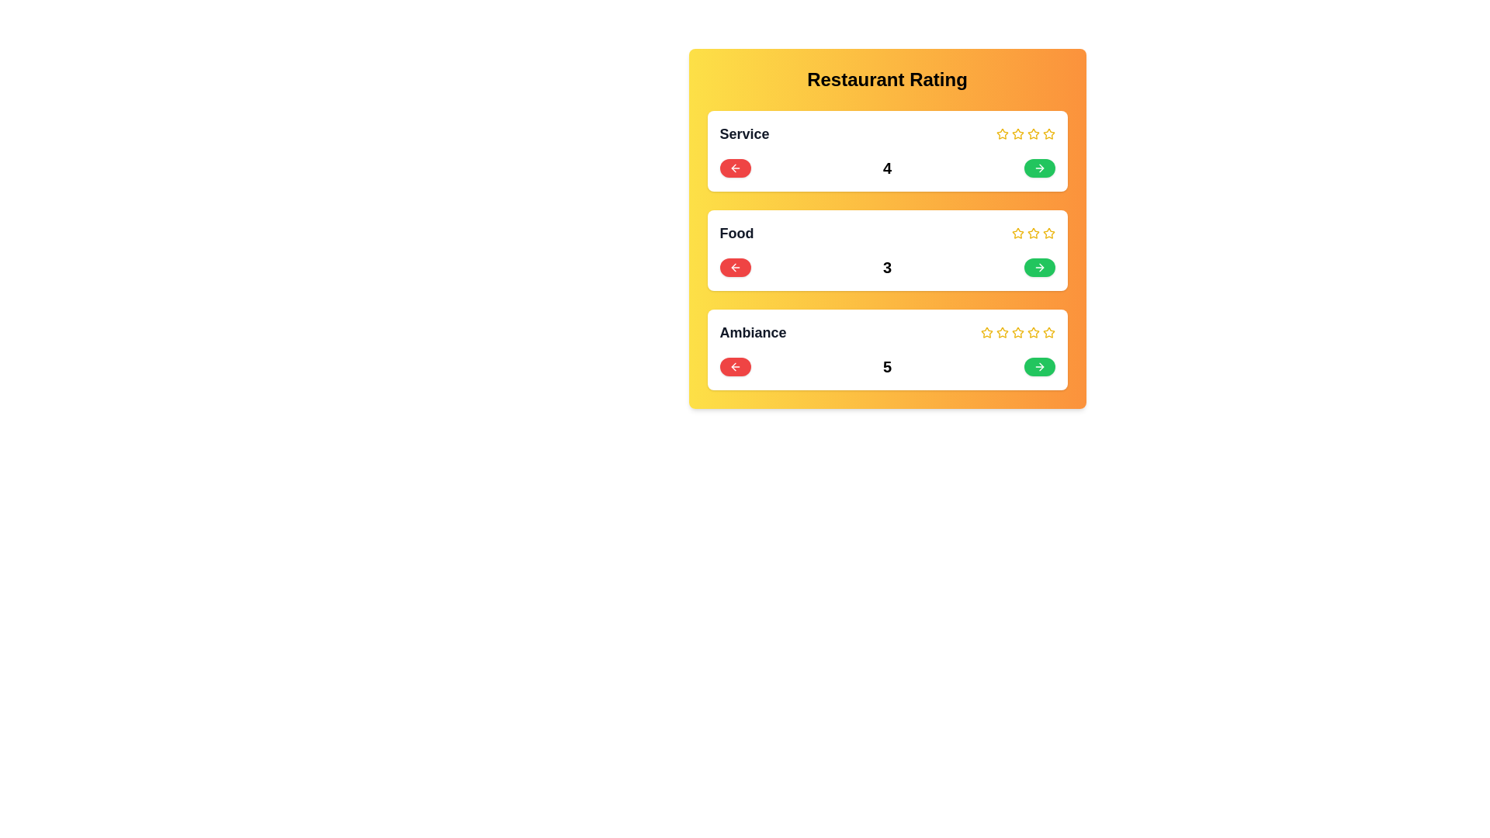 The image size is (1490, 838). I want to click on the first star in the rating row for the 'Ambiance' rating in the 'Restaurant Rating' card interface, so click(1002, 331).